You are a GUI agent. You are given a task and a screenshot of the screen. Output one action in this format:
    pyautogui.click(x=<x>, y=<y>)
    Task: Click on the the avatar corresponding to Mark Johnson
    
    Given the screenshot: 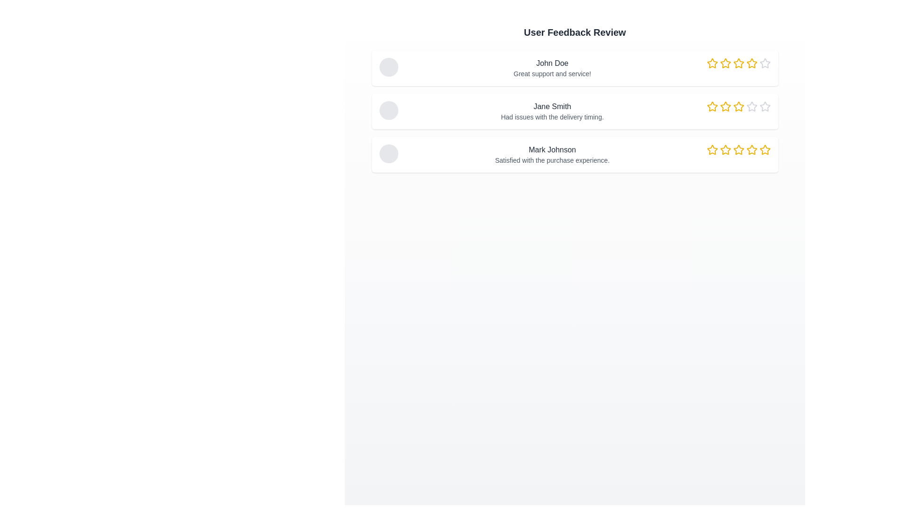 What is the action you would take?
    pyautogui.click(x=388, y=153)
    